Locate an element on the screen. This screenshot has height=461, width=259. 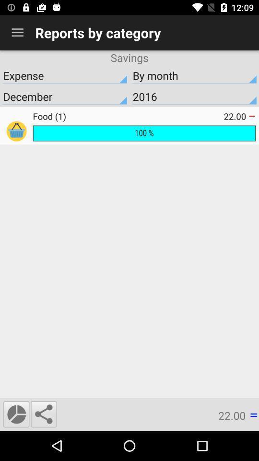
the food (1) icon is located at coordinates (128, 116).